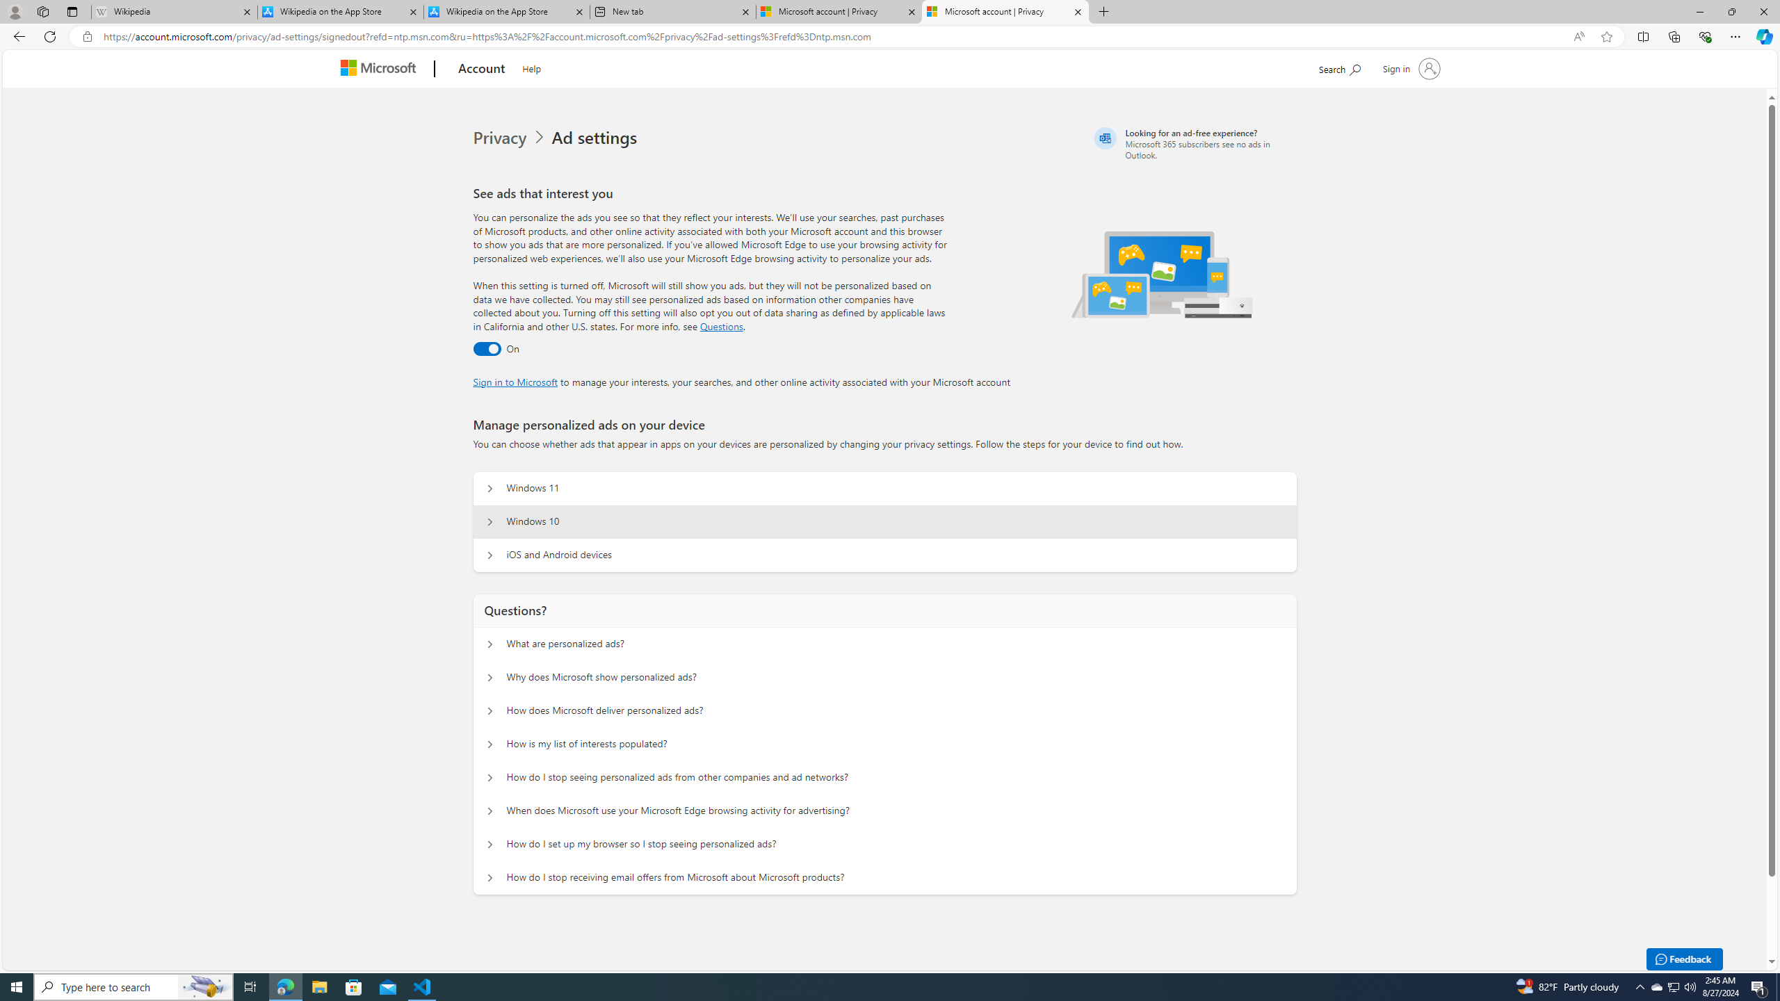 This screenshot has width=1780, height=1001. Describe the element at coordinates (1193, 143) in the screenshot. I see `'Looking for an ad-free experience?'` at that location.